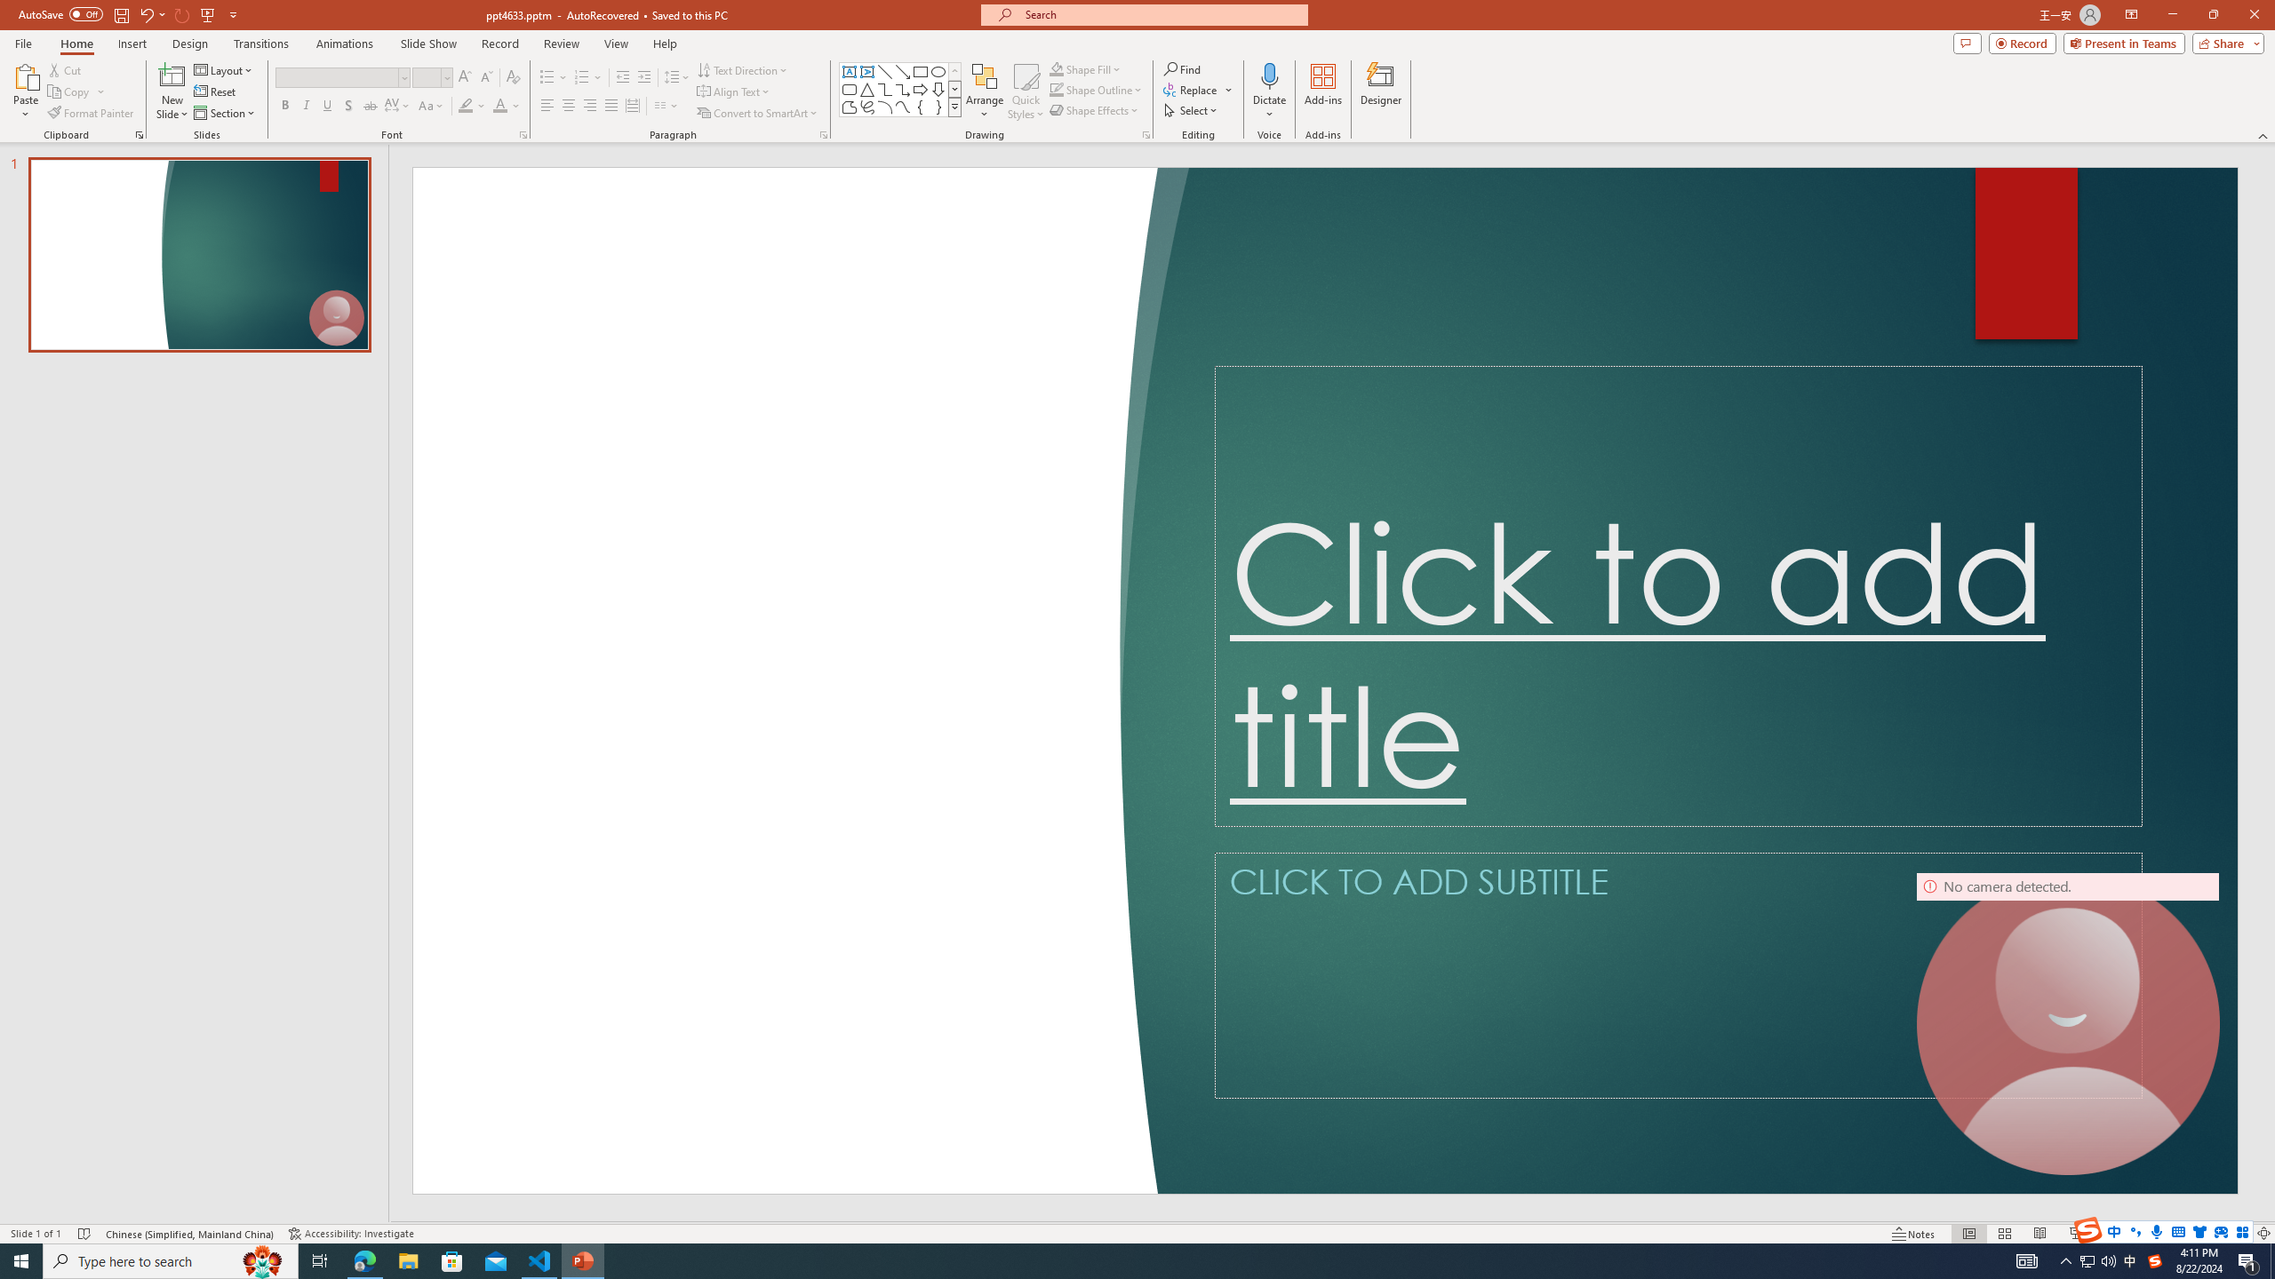  What do you see at coordinates (743, 69) in the screenshot?
I see `'Text Direction'` at bounding box center [743, 69].